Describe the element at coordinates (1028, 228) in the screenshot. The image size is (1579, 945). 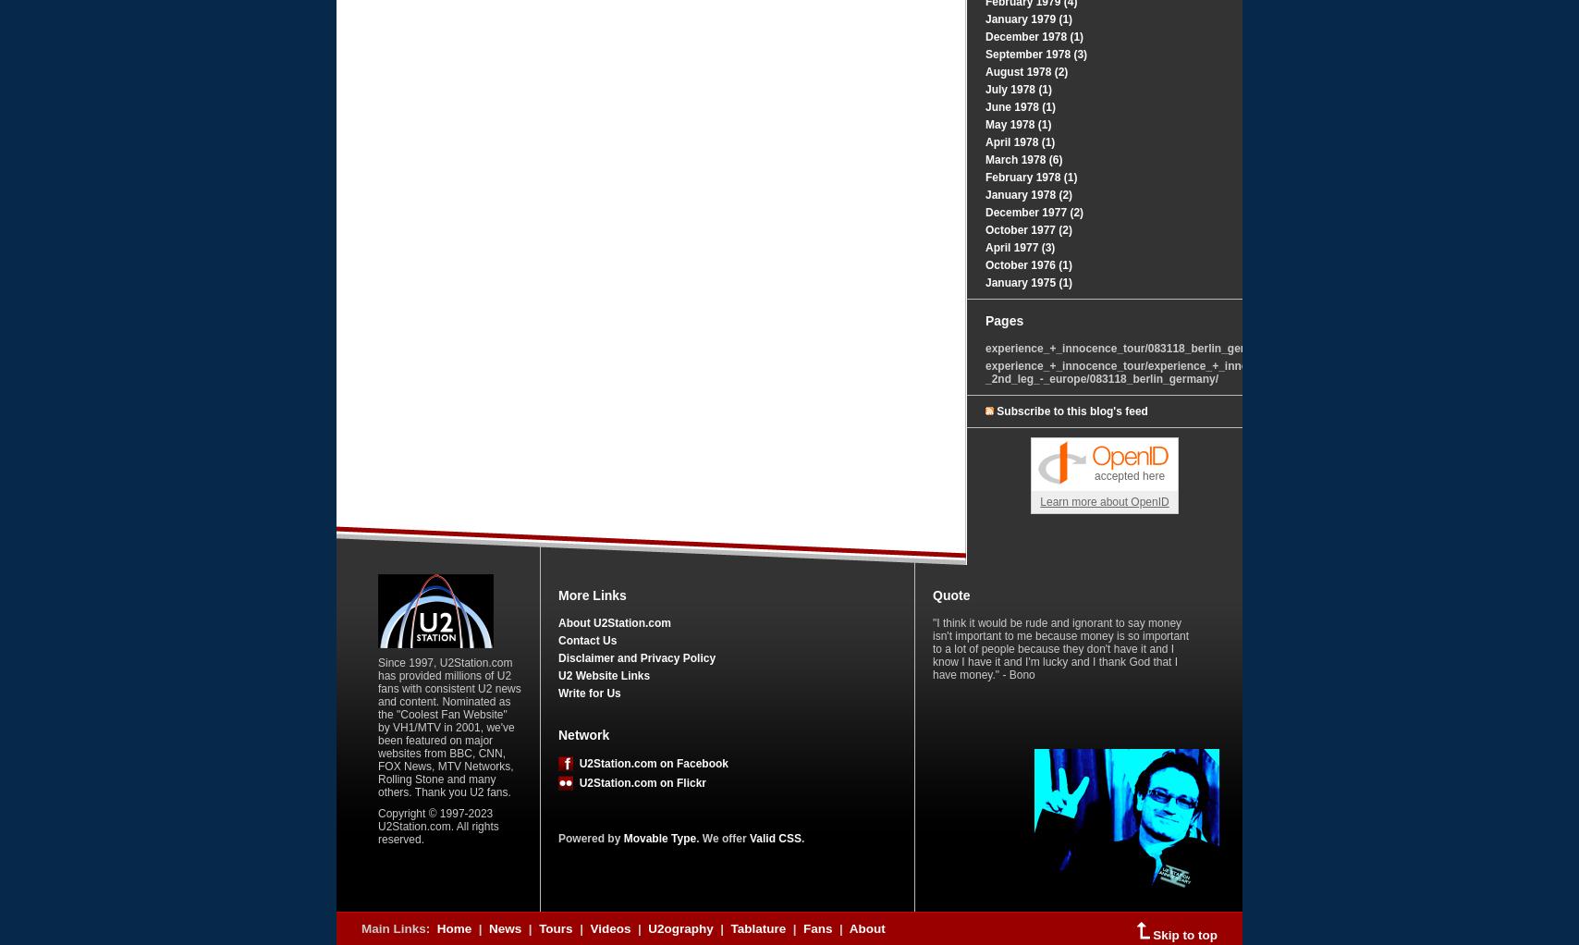
I see `'October 1977 (2)'` at that location.